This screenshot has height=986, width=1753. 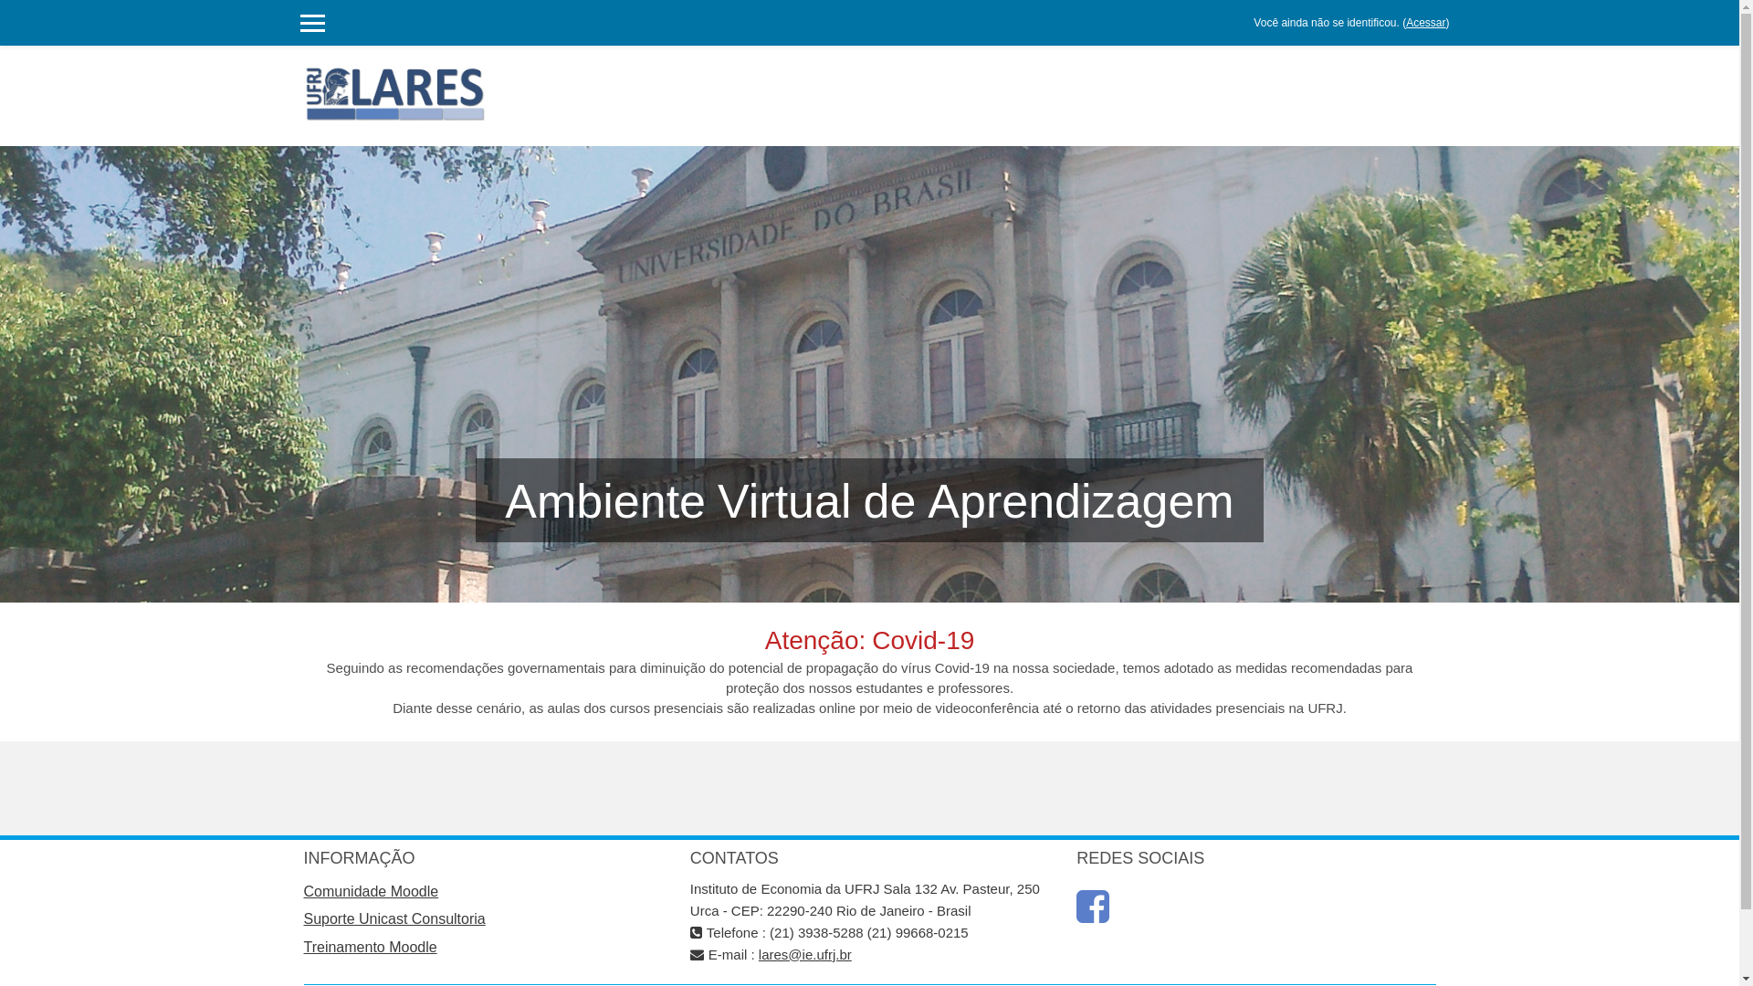 I want to click on 'Suporte Unicast Consultoria', so click(x=393, y=918).